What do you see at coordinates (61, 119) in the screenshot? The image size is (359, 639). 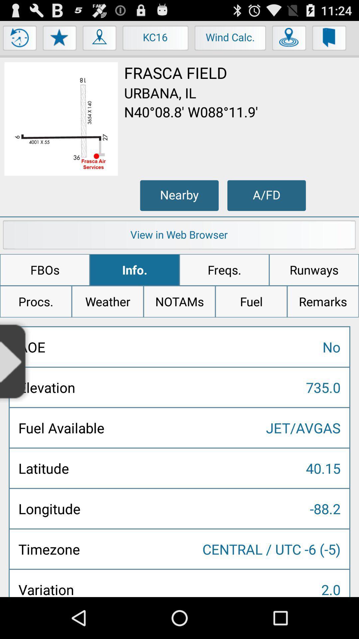 I see `to view image` at bounding box center [61, 119].